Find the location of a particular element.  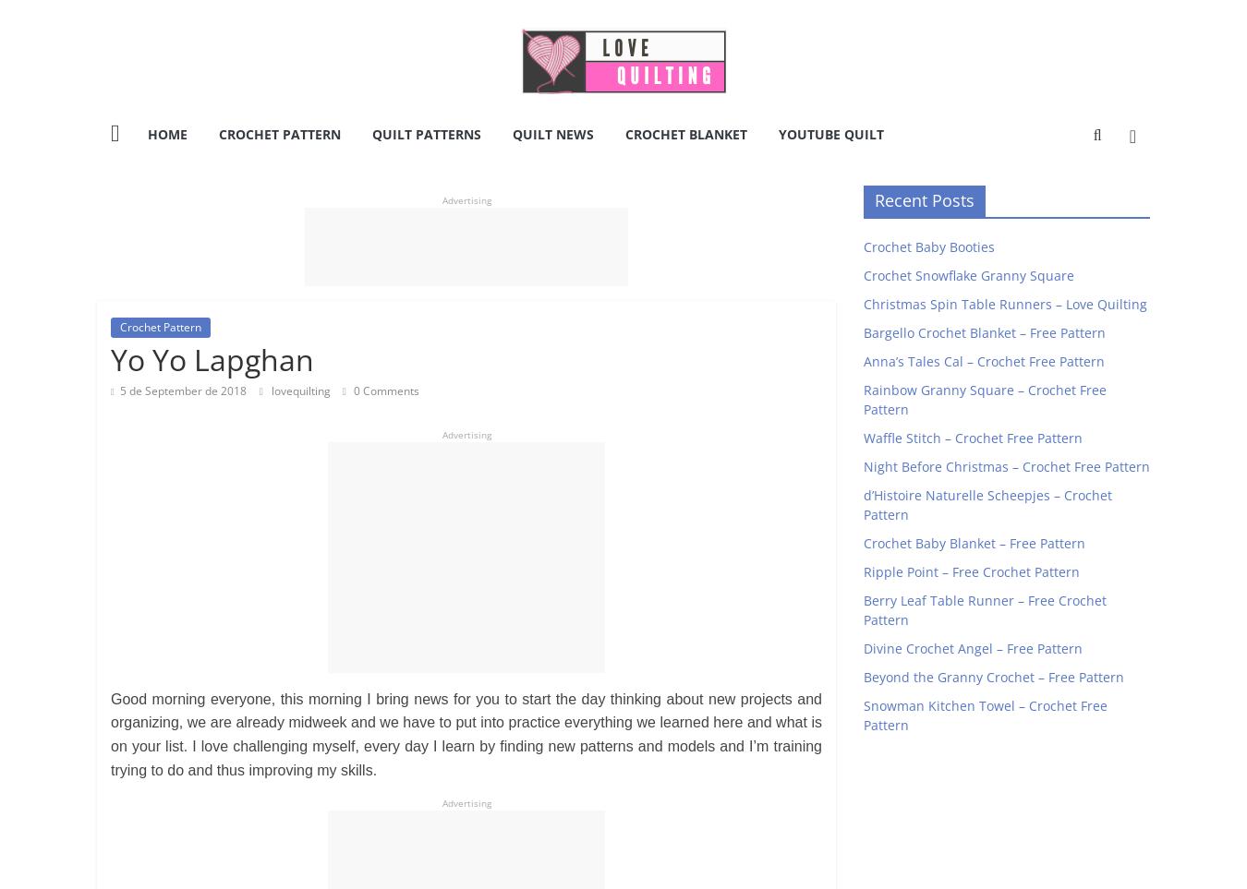

'Berry Leaf Table Runner – Free Crochet Pattern' is located at coordinates (985, 609).